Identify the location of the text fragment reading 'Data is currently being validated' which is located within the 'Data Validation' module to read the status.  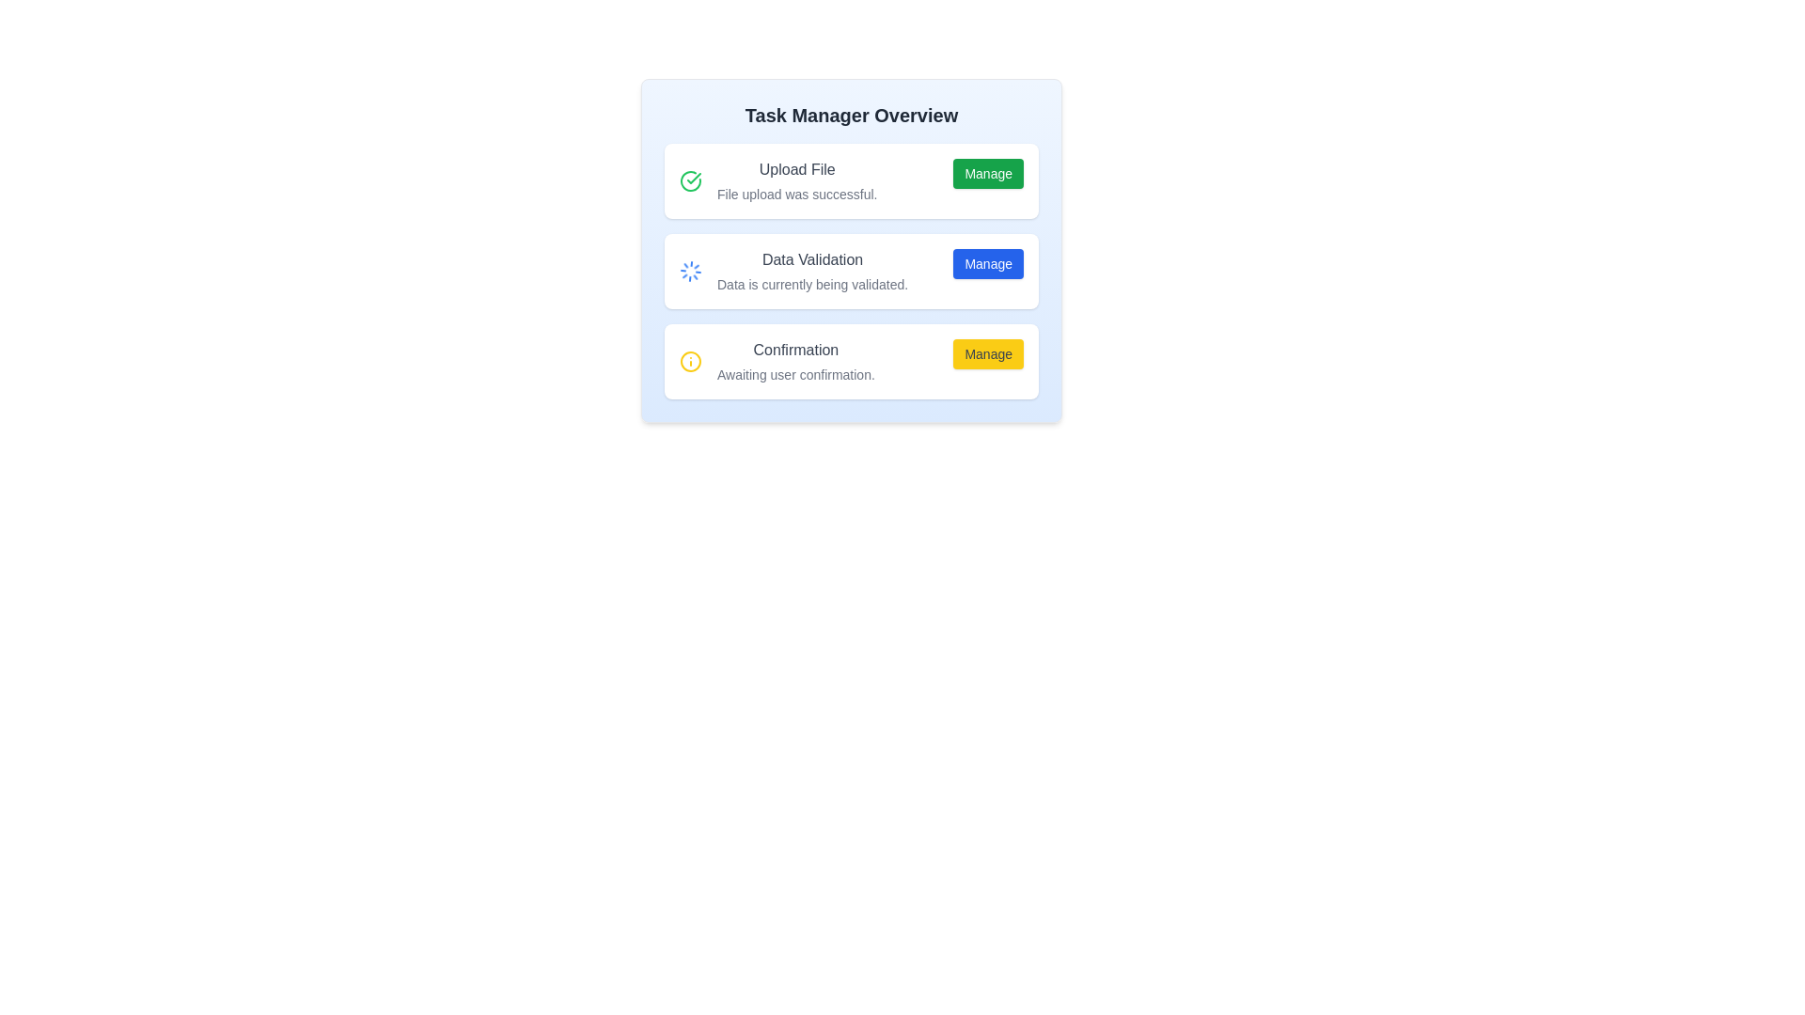
(812, 285).